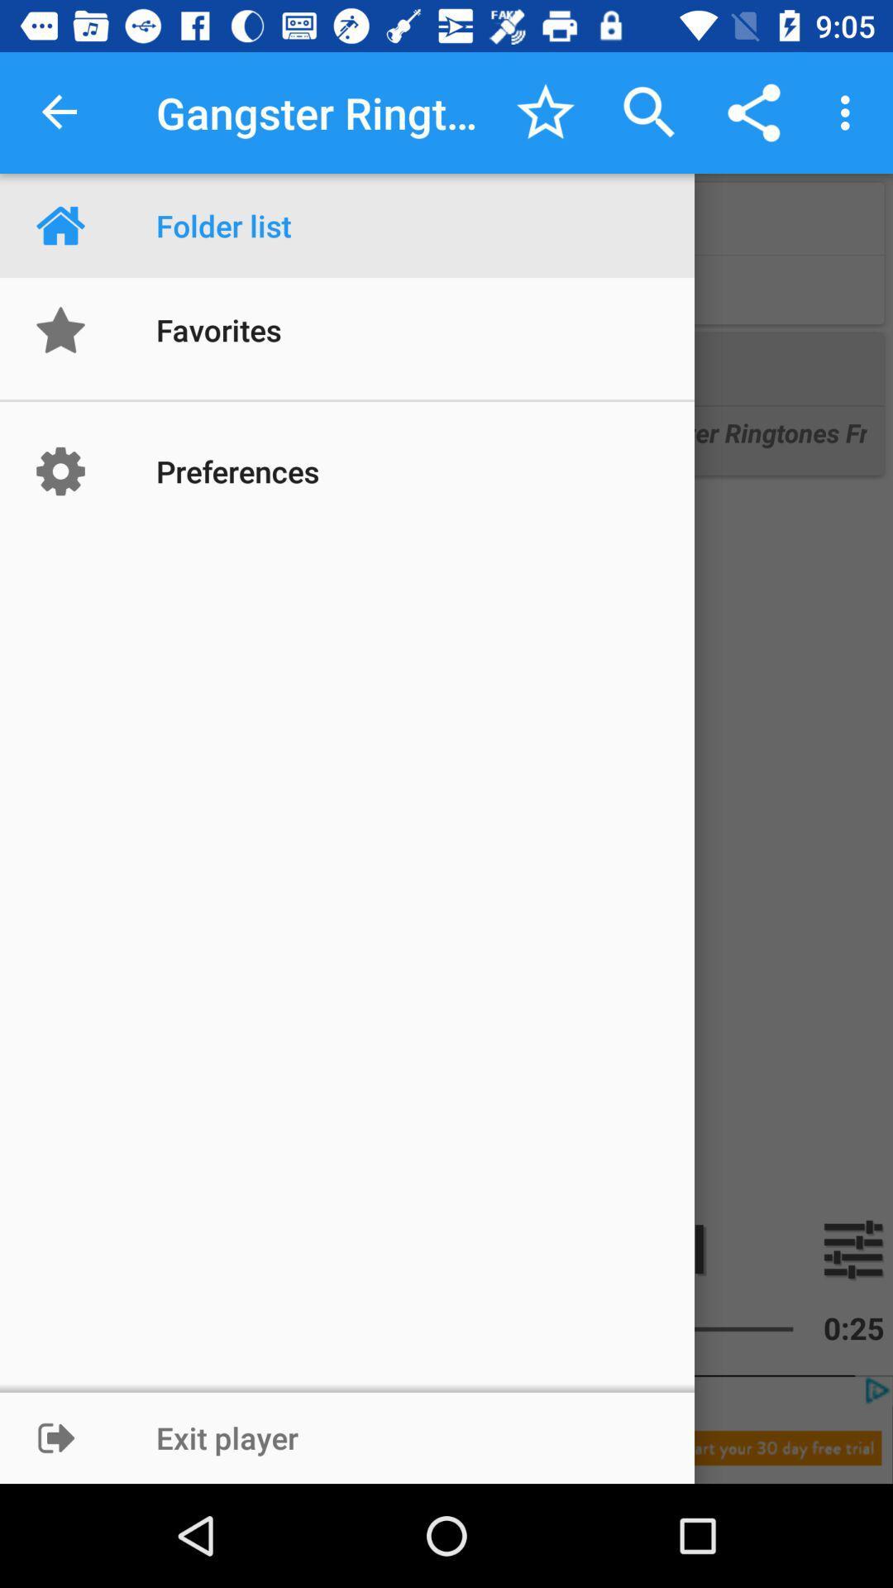 This screenshot has width=893, height=1588. I want to click on the sliders icon, so click(853, 1249).